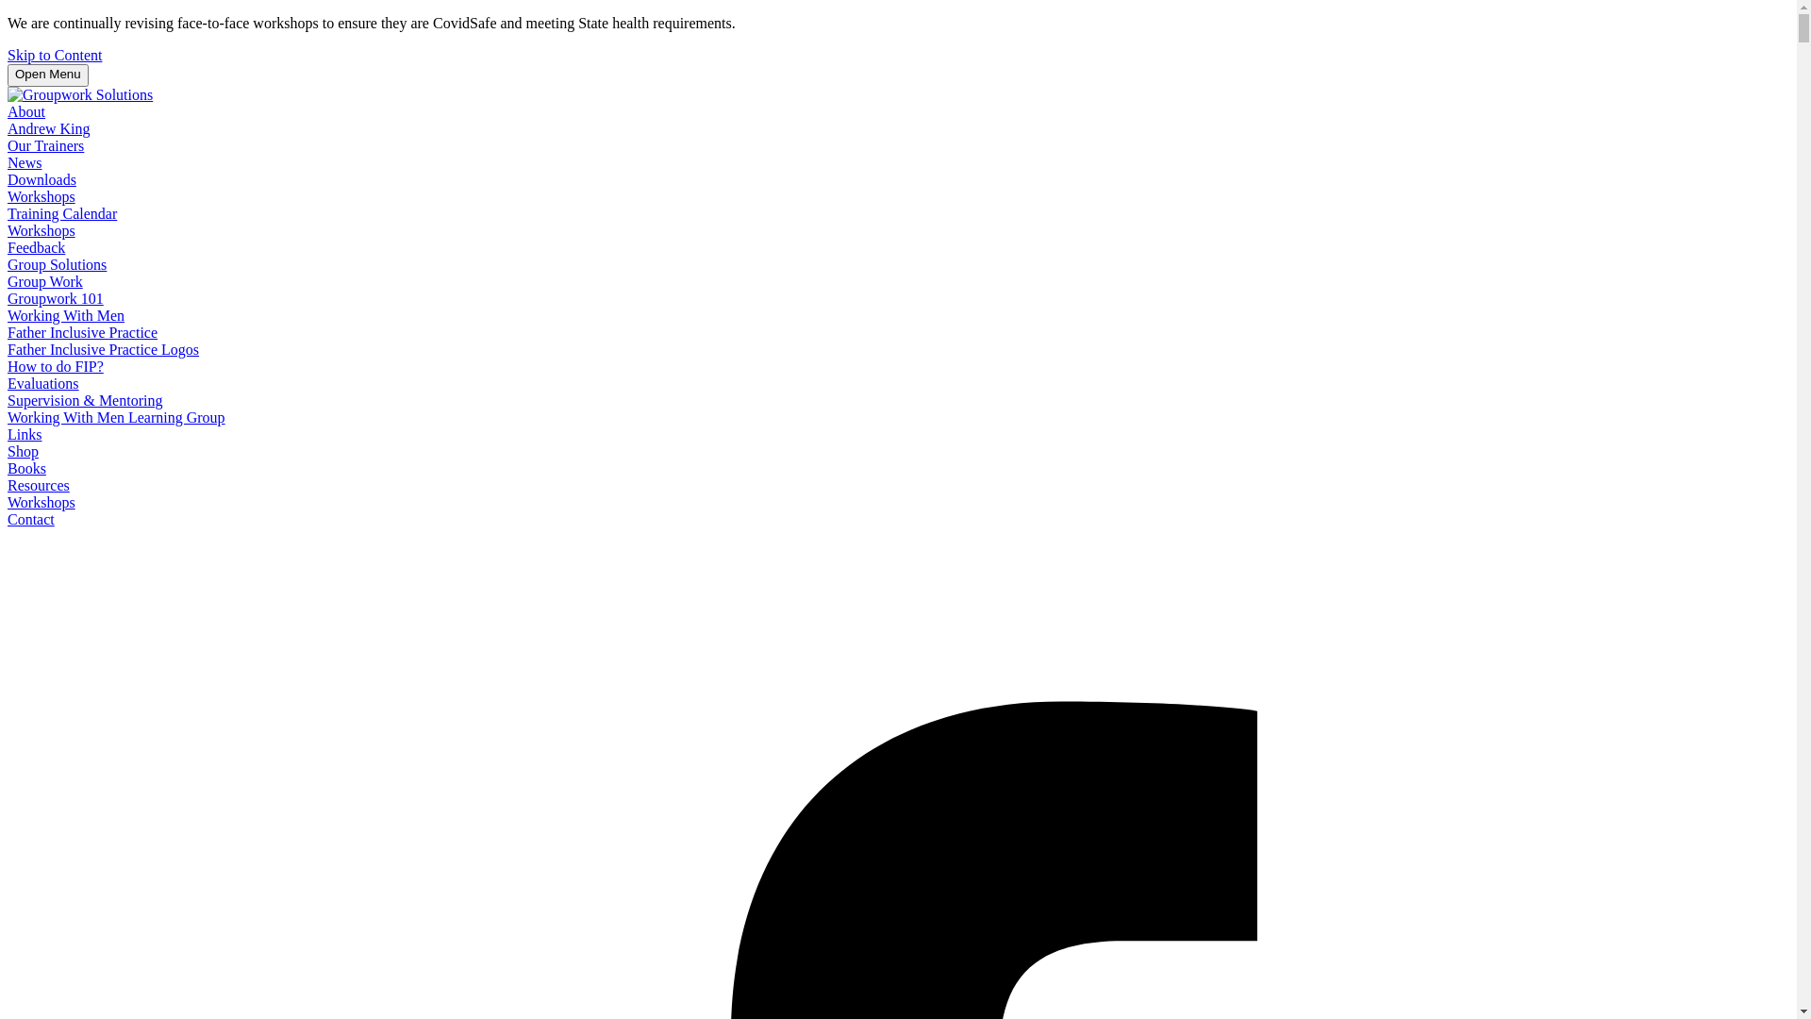 Image resolution: width=1811 pixels, height=1019 pixels. What do you see at coordinates (84, 399) in the screenshot?
I see `'Supervision & Mentoring'` at bounding box center [84, 399].